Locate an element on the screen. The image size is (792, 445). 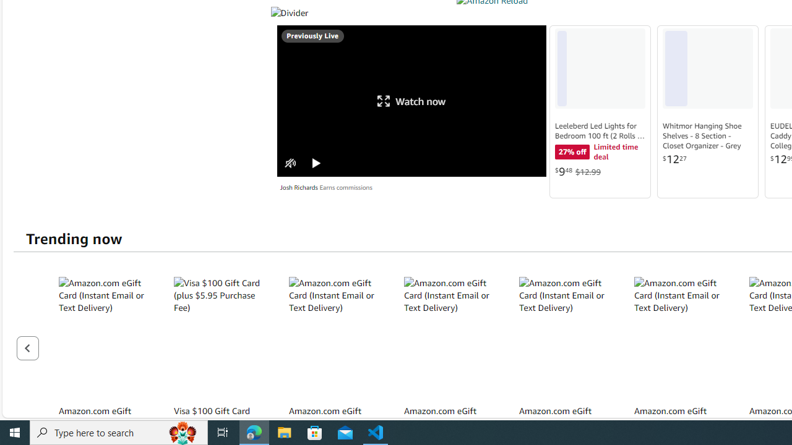
'Visa $100 Gift Card (plus $5.95 Purchase Fee)' is located at coordinates (220, 337).